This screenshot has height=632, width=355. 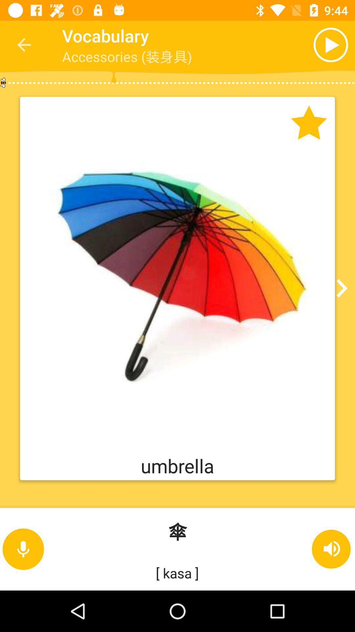 I want to click on the microphone icon, so click(x=23, y=549).